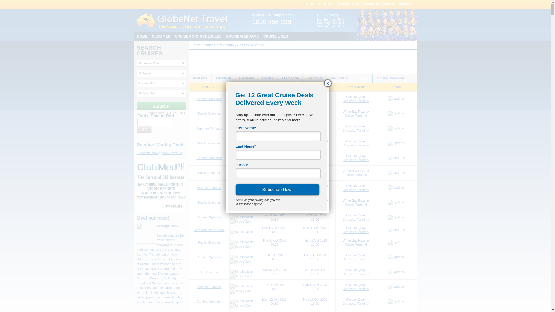 This screenshot has height=312, width=555. What do you see at coordinates (388, 114) in the screenshot?
I see `'Updates'` at bounding box center [388, 114].